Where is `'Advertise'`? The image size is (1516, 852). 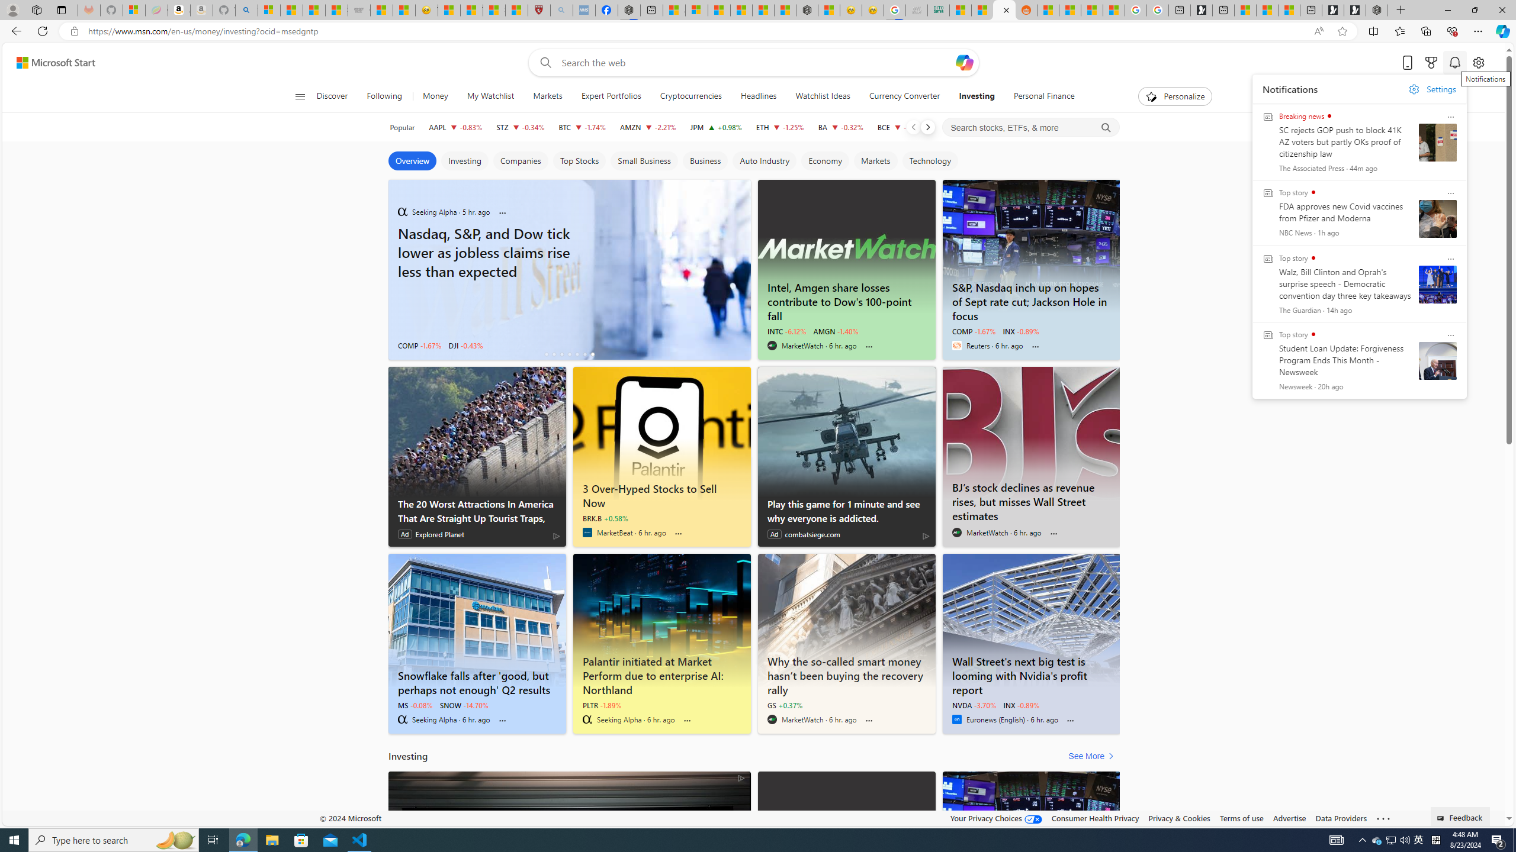 'Advertise' is located at coordinates (1289, 818).